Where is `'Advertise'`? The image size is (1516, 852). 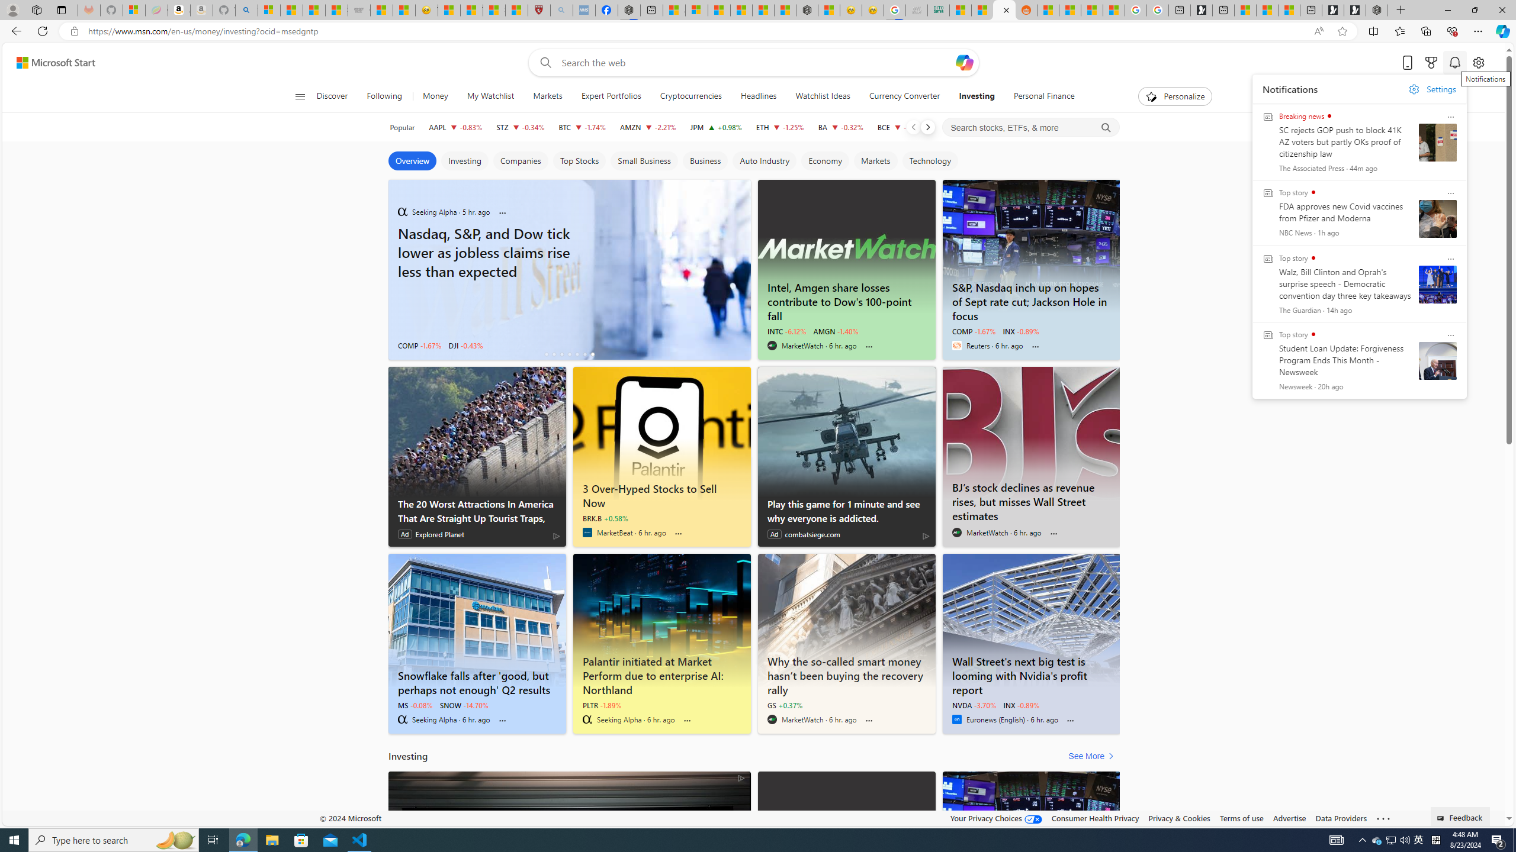 'Advertise' is located at coordinates (1289, 818).